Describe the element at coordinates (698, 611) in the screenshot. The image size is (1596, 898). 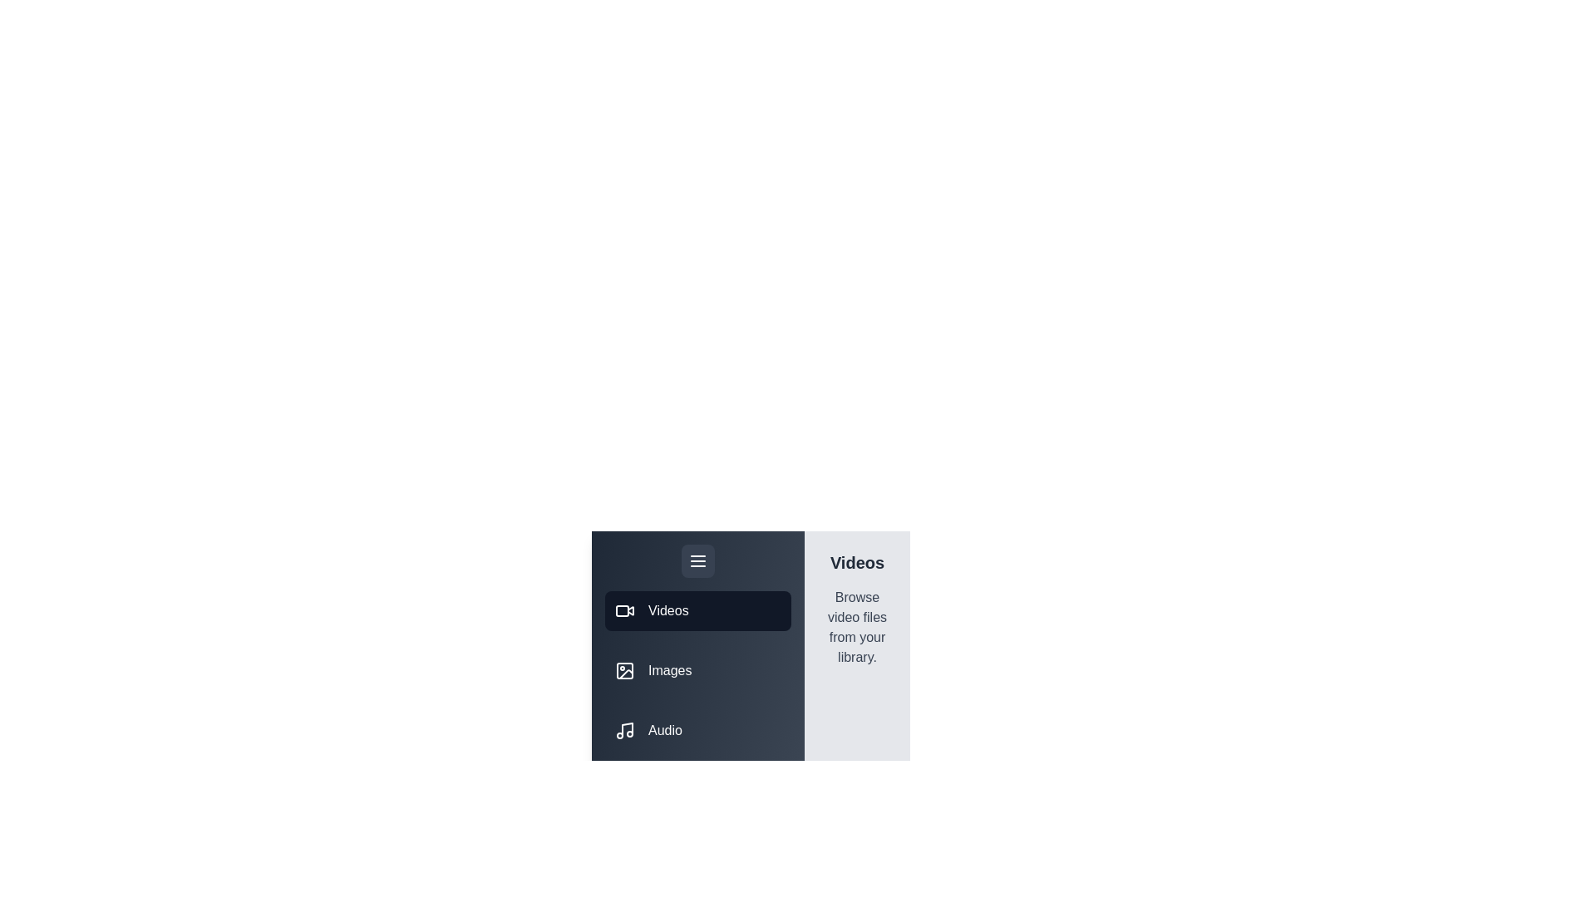
I see `the media type Videos from the drawer` at that location.